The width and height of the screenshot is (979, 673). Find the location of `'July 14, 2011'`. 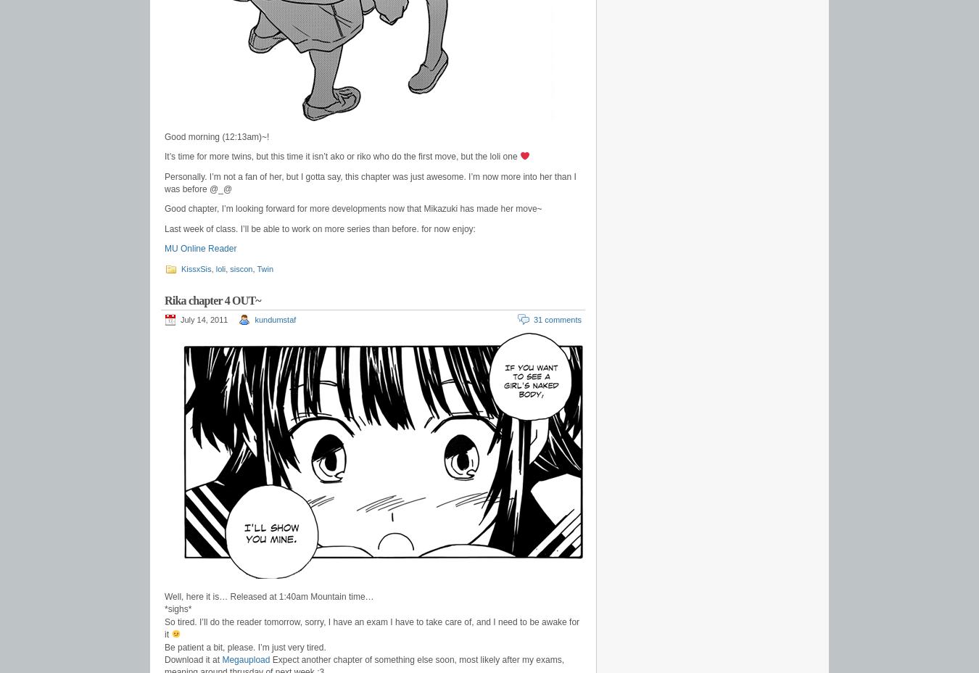

'July 14, 2011' is located at coordinates (203, 318).